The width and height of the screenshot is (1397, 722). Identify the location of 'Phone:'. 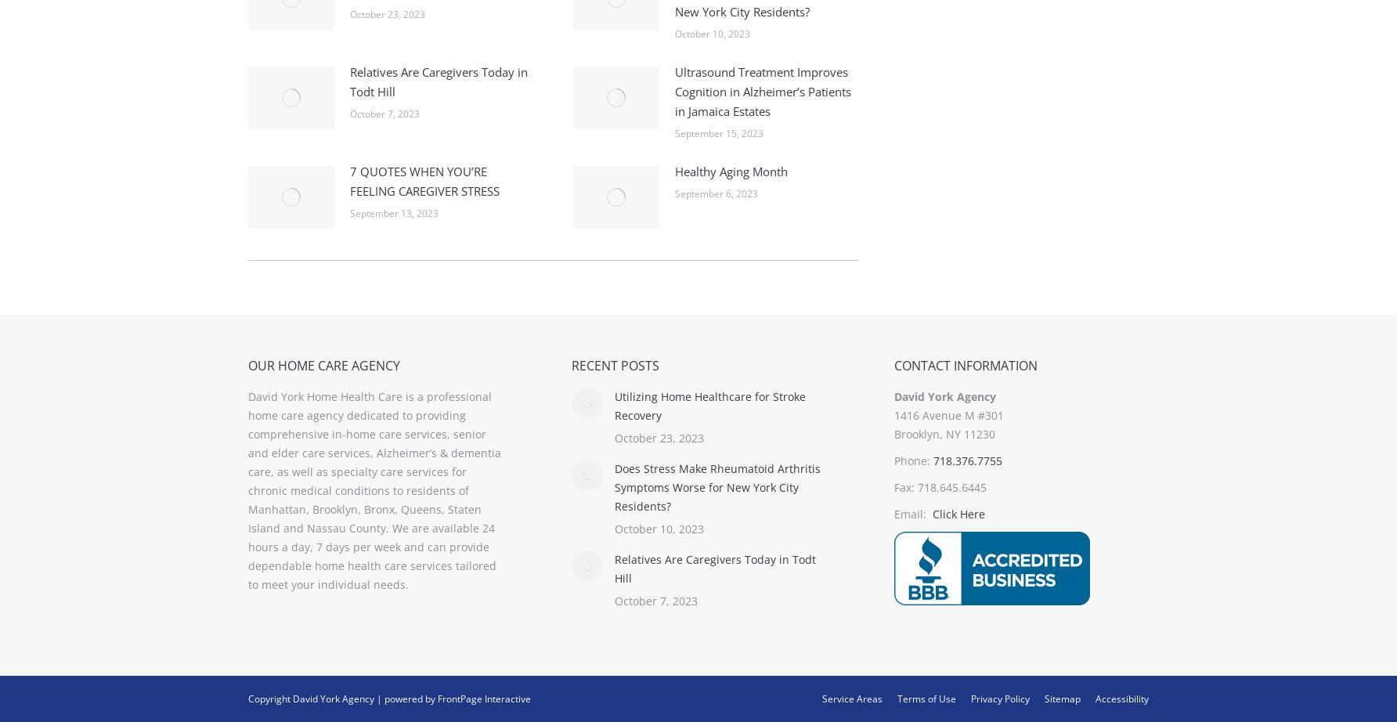
(913, 460).